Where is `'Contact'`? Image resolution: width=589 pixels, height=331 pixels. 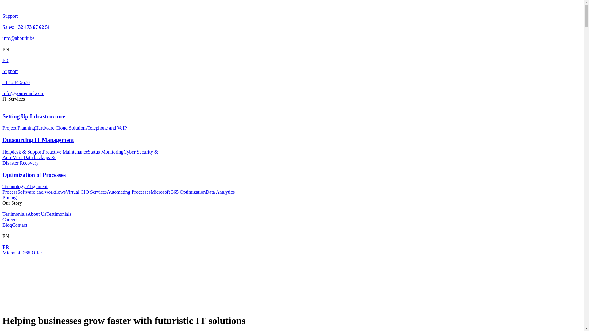 'Contact' is located at coordinates (19, 225).